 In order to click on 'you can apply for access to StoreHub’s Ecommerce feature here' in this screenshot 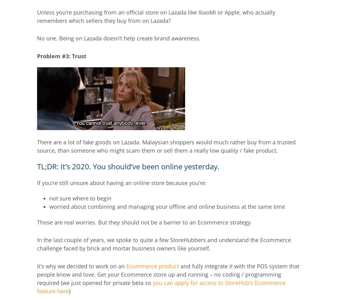, I will do `click(161, 286)`.